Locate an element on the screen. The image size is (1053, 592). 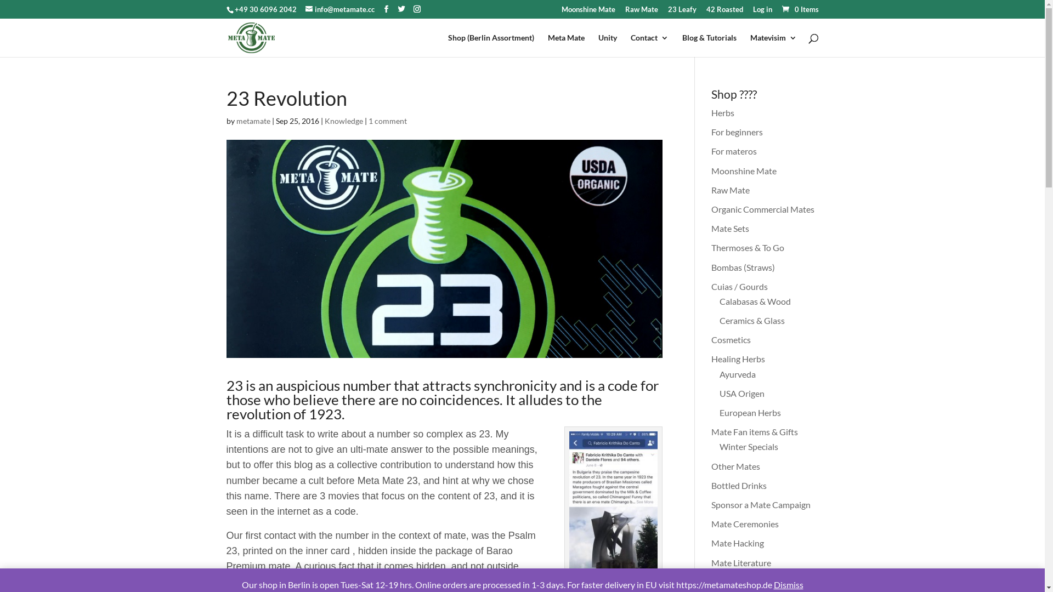
'Matevisim' is located at coordinates (773, 45).